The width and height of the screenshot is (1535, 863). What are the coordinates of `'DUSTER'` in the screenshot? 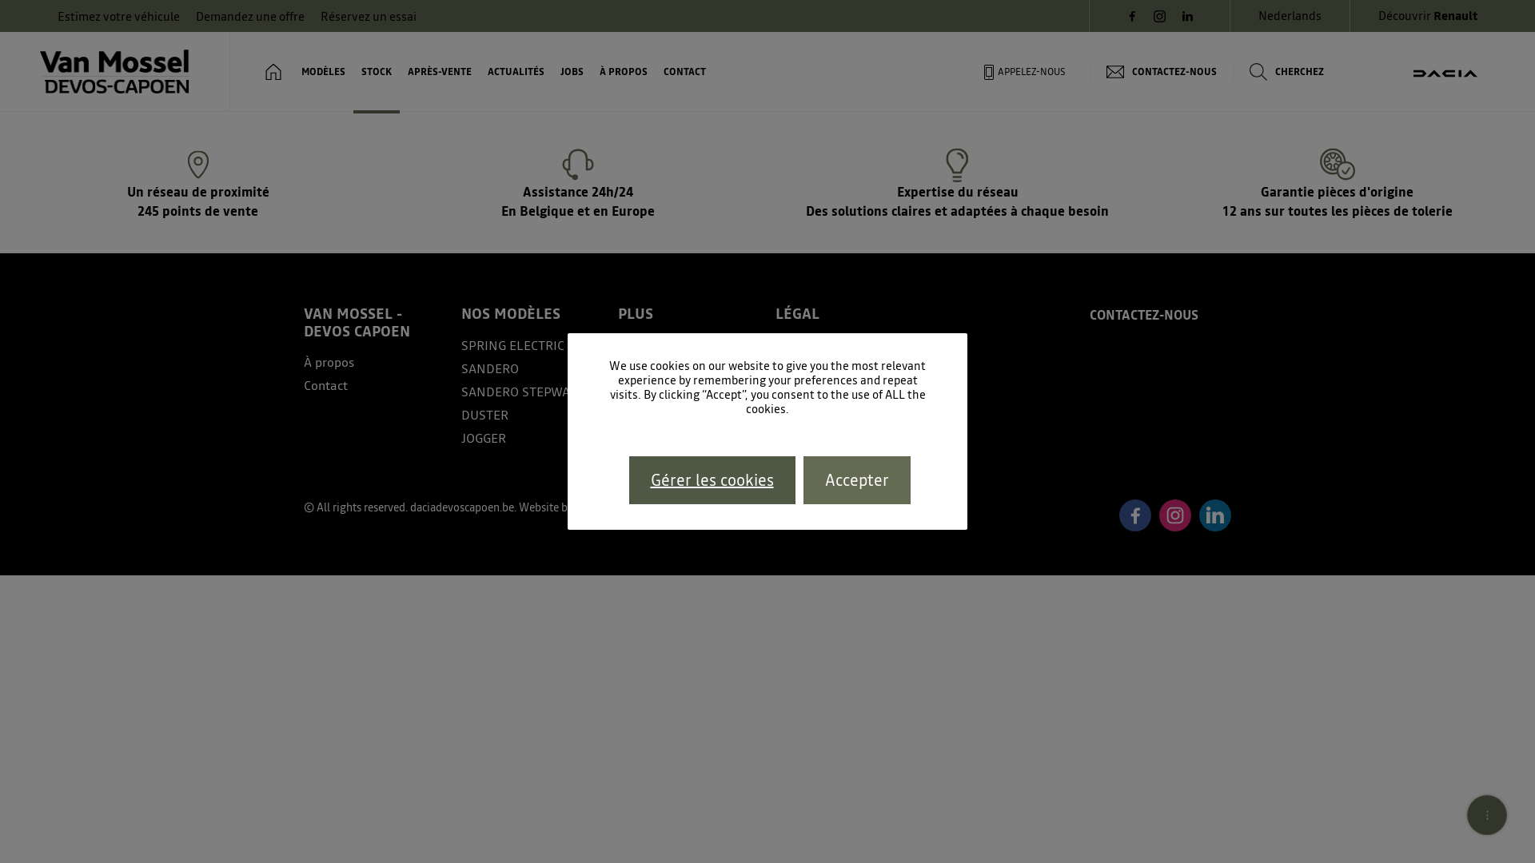 It's located at (532, 414).